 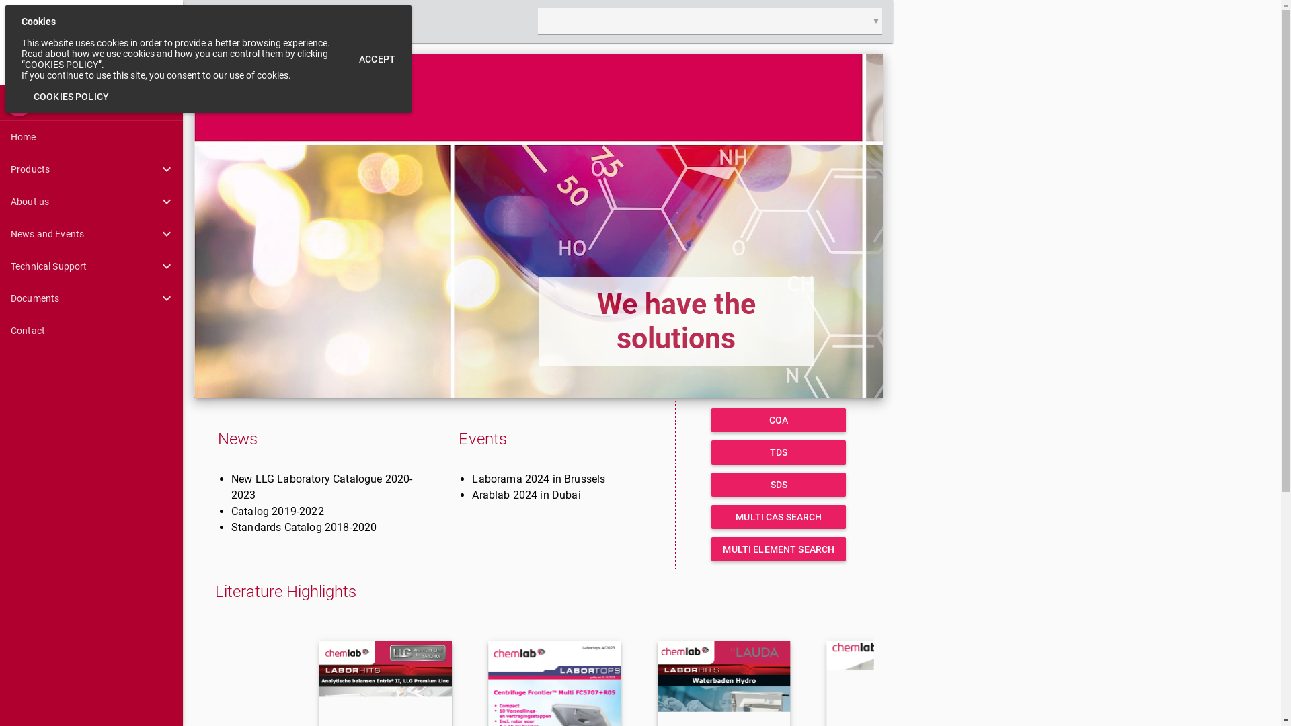 I want to click on 'ACCEPT', so click(x=377, y=58).